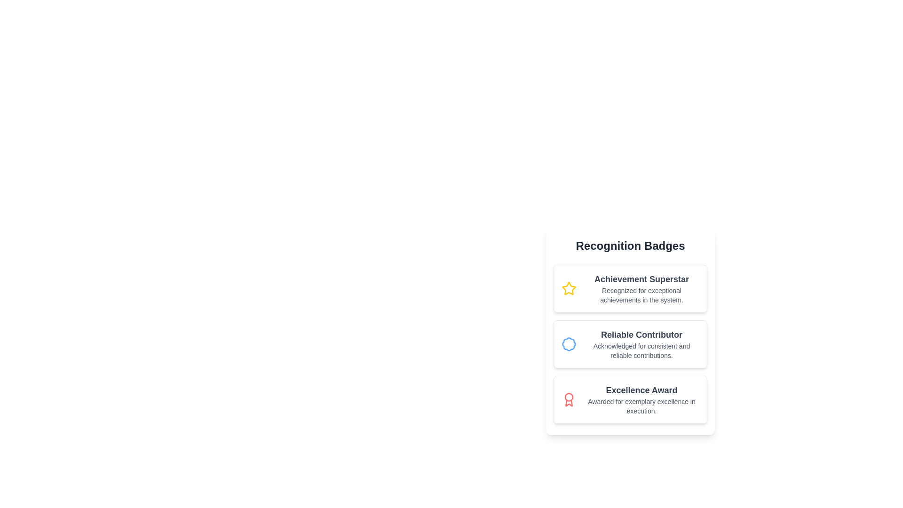 Image resolution: width=903 pixels, height=508 pixels. I want to click on the star icon located at the top-left portion of the 'Recognition Badges' section, next to the 'Achievement Superstar' label, so click(568, 288).